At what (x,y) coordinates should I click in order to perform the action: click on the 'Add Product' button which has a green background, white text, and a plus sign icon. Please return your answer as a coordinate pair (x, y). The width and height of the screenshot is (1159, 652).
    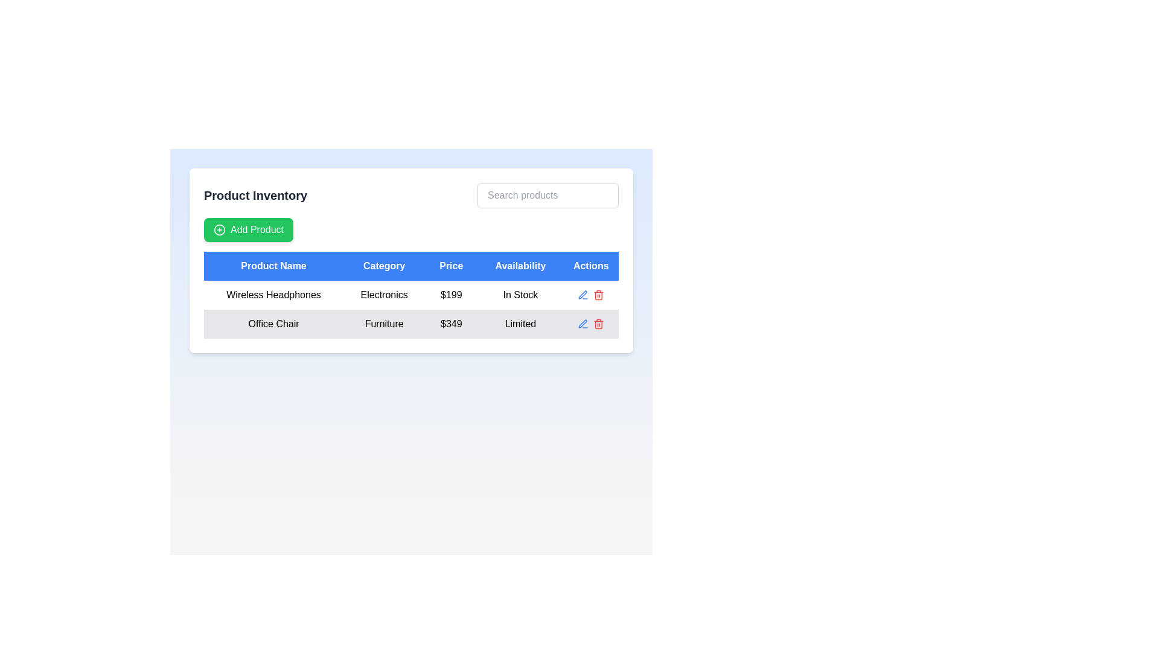
    Looking at the image, I should click on (248, 230).